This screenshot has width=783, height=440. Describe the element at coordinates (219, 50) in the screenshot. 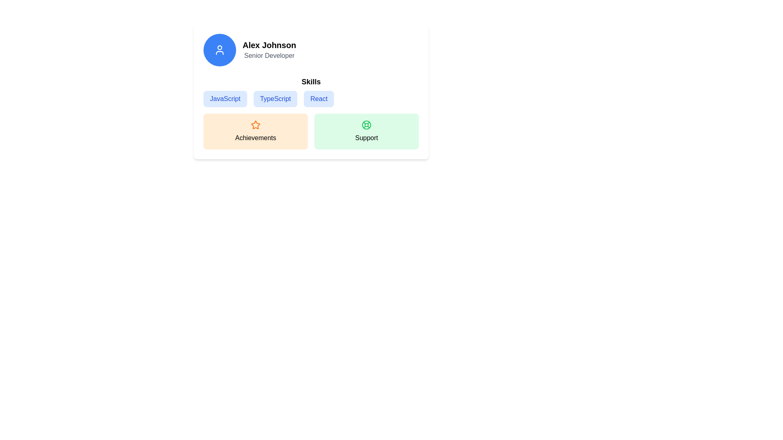

I see `the blue circular avatar or profile icon located in the top-left corner, adjacent to the text 'Alex Johnson Senior Developer'` at that location.